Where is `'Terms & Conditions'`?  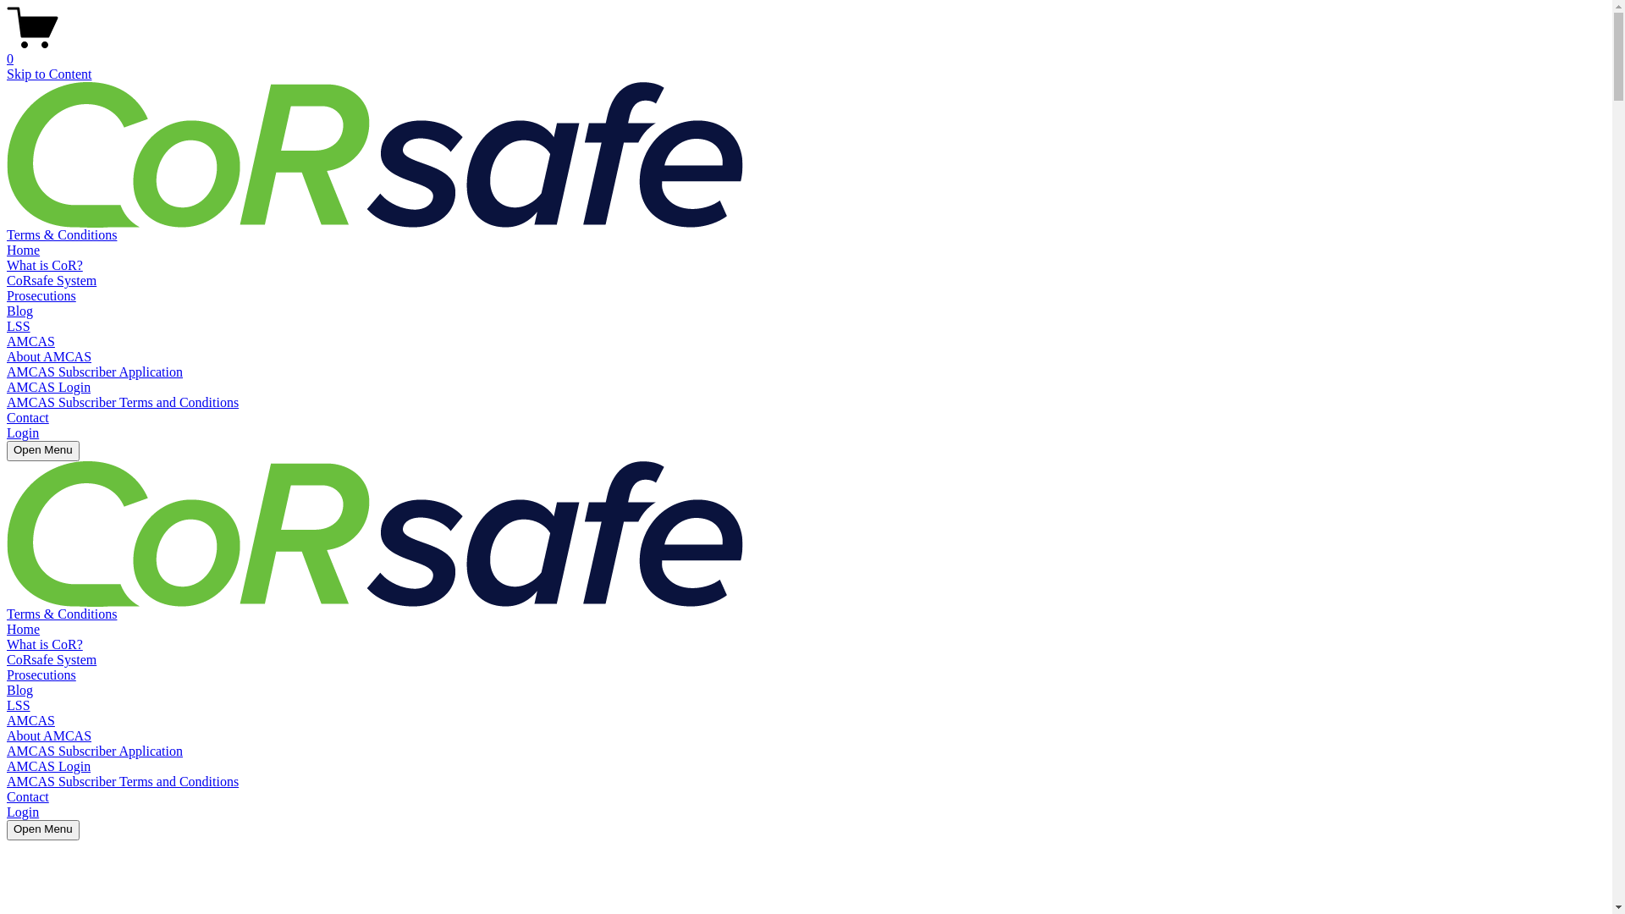 'Terms & Conditions' is located at coordinates (61, 234).